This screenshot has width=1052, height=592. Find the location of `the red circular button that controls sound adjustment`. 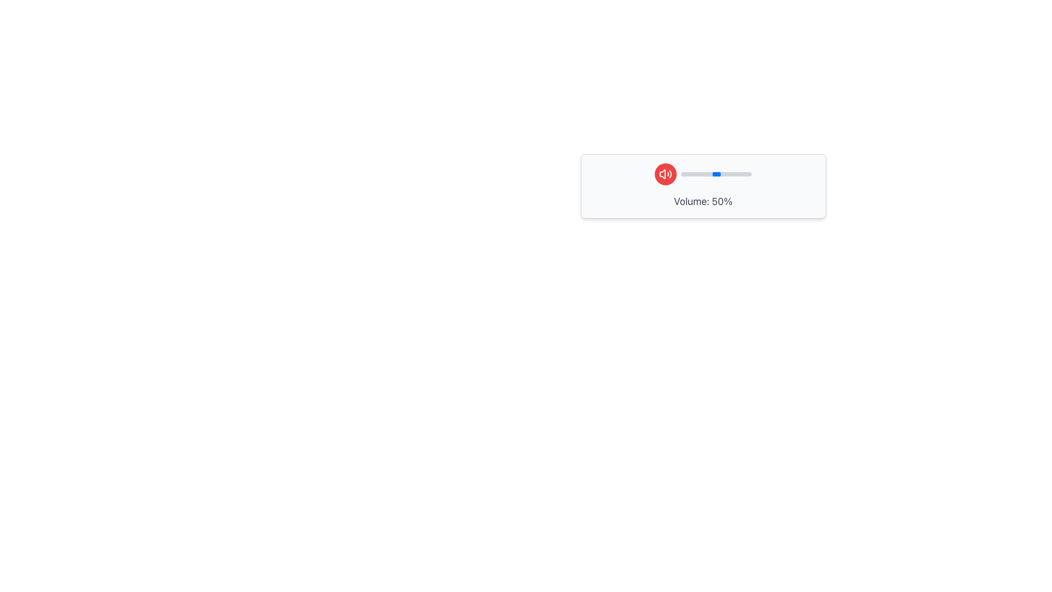

the red circular button that controls sound adjustment is located at coordinates (665, 173).